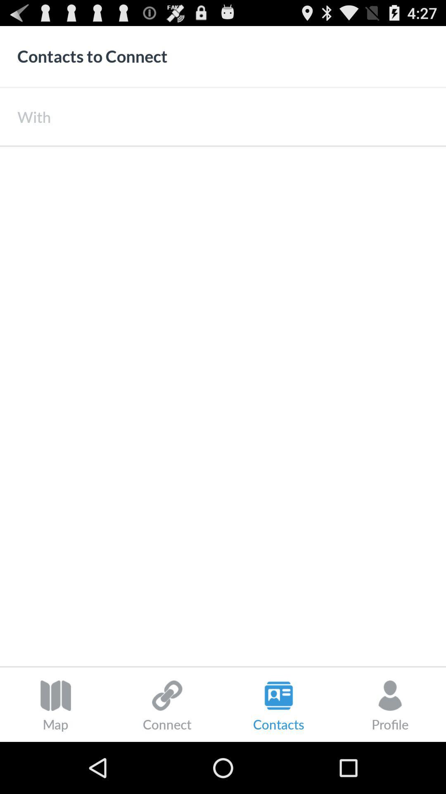  I want to click on see contact, so click(223, 406).